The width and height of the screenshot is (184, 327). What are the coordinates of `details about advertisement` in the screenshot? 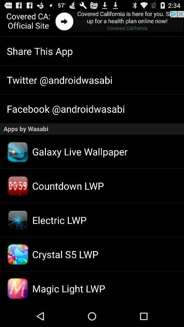 It's located at (92, 22).